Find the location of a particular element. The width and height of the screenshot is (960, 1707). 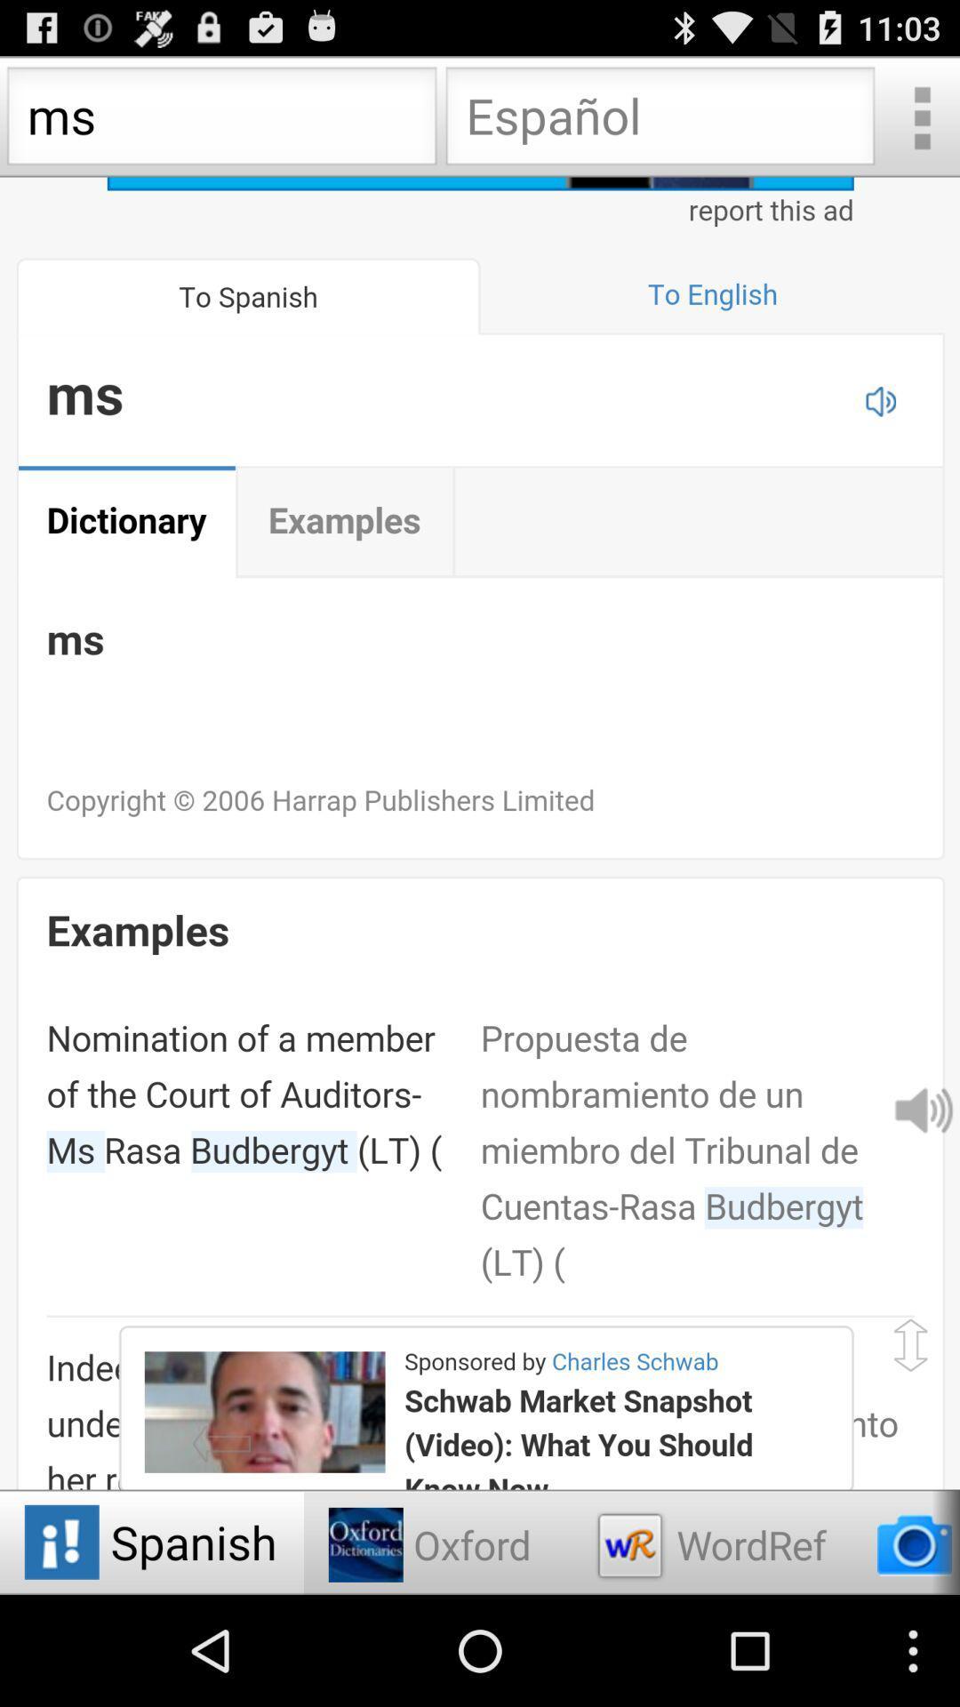

the more icon is located at coordinates (920, 129).